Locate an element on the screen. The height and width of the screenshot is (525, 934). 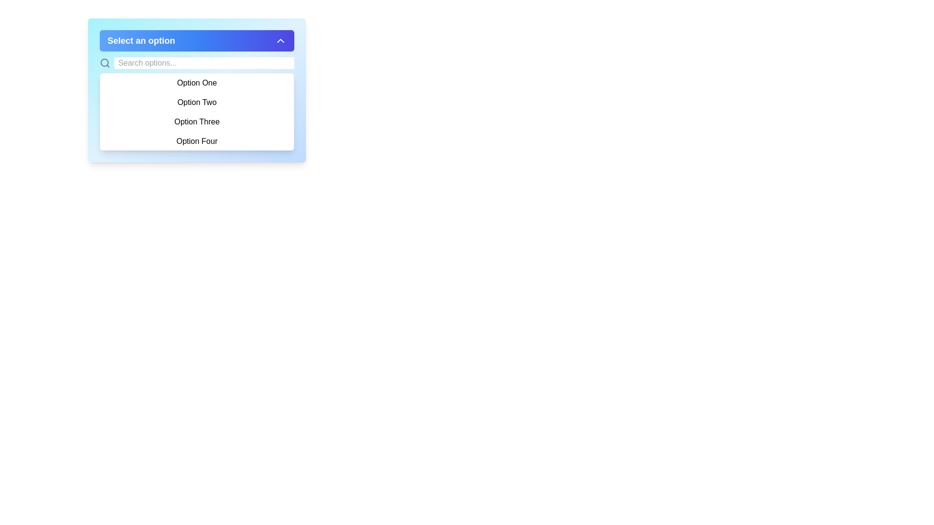
the dropdown menu option labeled 'Option Four' is located at coordinates (196, 141).